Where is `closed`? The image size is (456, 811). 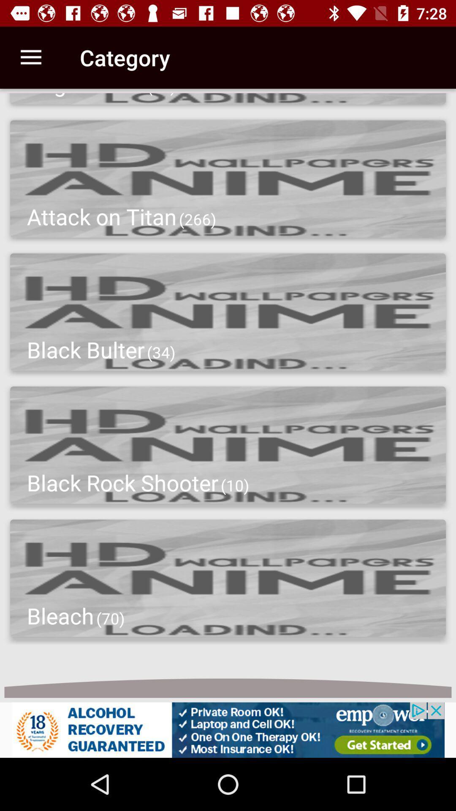
closed is located at coordinates (228, 729).